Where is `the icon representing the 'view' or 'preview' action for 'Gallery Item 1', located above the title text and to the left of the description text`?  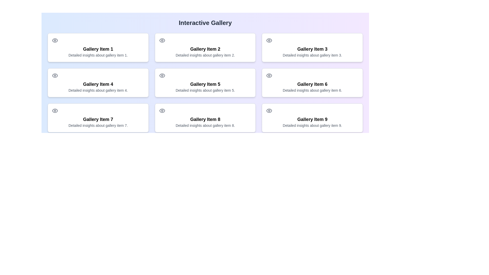 the icon representing the 'view' or 'preview' action for 'Gallery Item 1', located above the title text and to the left of the description text is located at coordinates (55, 40).